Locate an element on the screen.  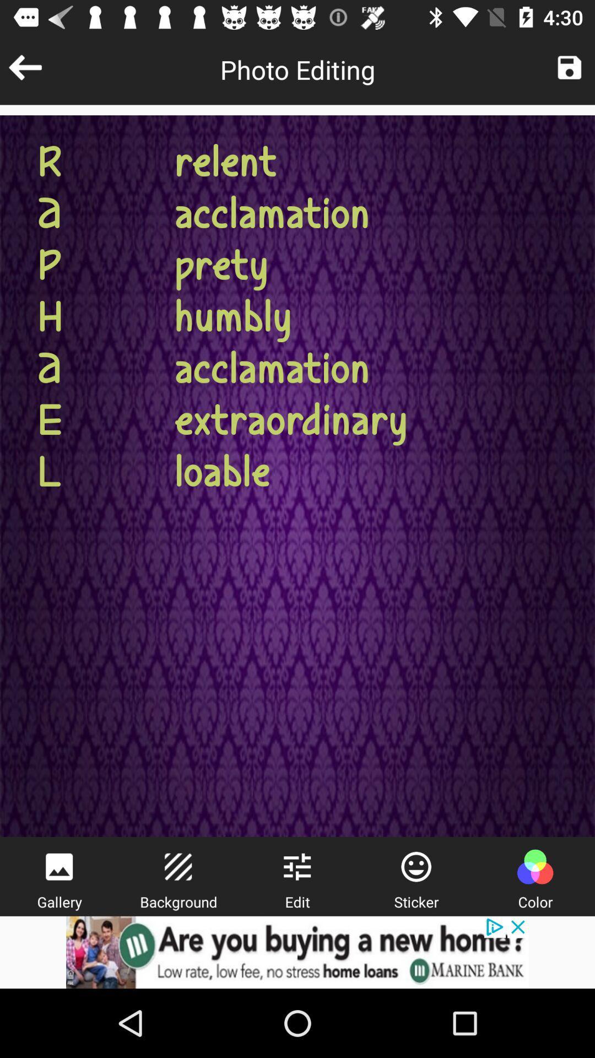
the save icon is located at coordinates (569, 67).